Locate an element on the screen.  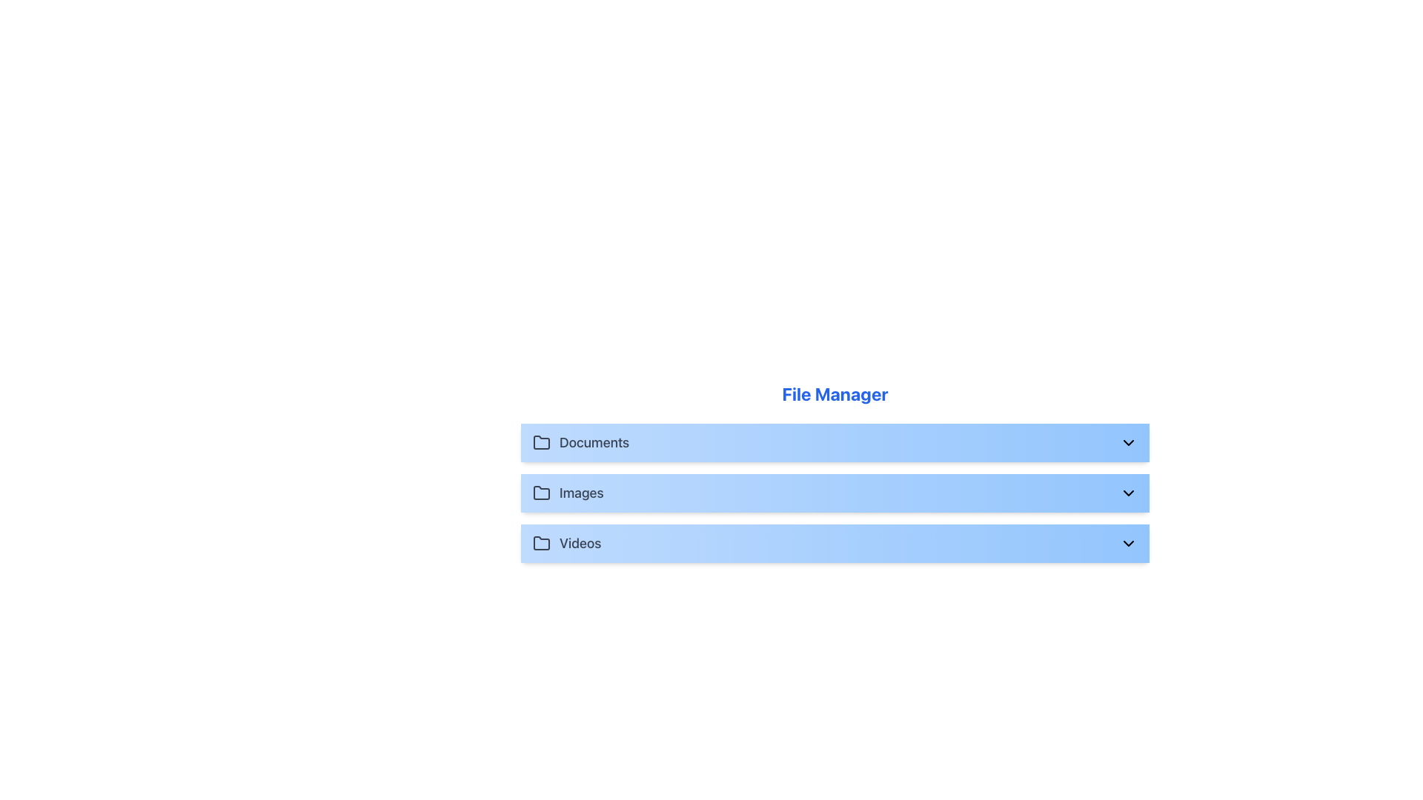
the 'Documents' button with dropdown functionality is located at coordinates (835, 441).